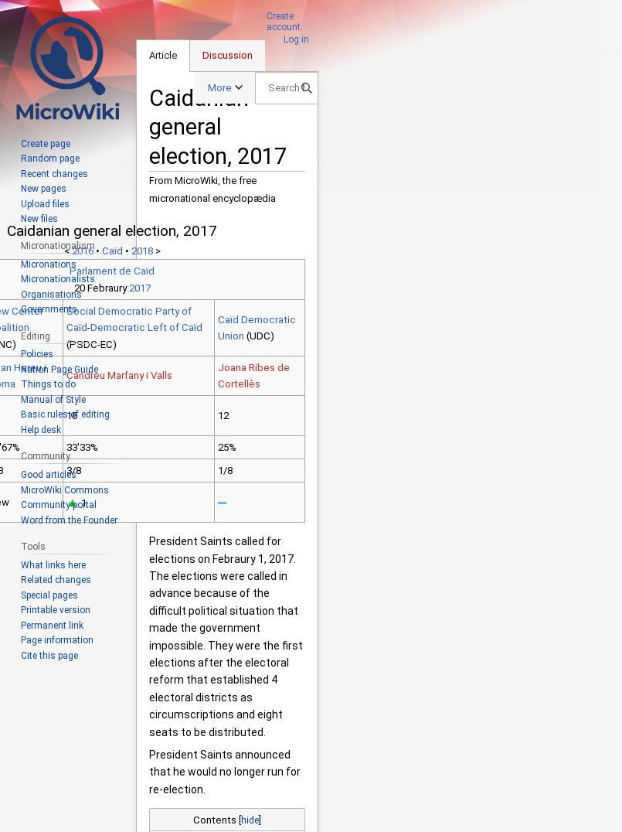 The width and height of the screenshot is (622, 832). What do you see at coordinates (226, 445) in the screenshot?
I see `'25%'` at bounding box center [226, 445].